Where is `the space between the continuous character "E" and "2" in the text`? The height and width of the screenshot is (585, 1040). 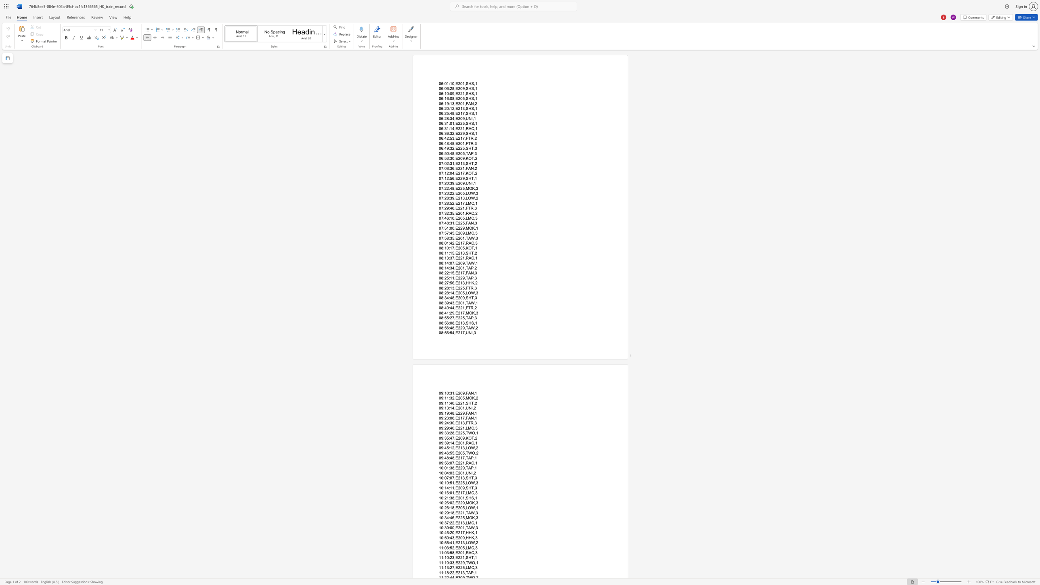
the space between the continuous character "E" and "2" in the text is located at coordinates (457, 392).